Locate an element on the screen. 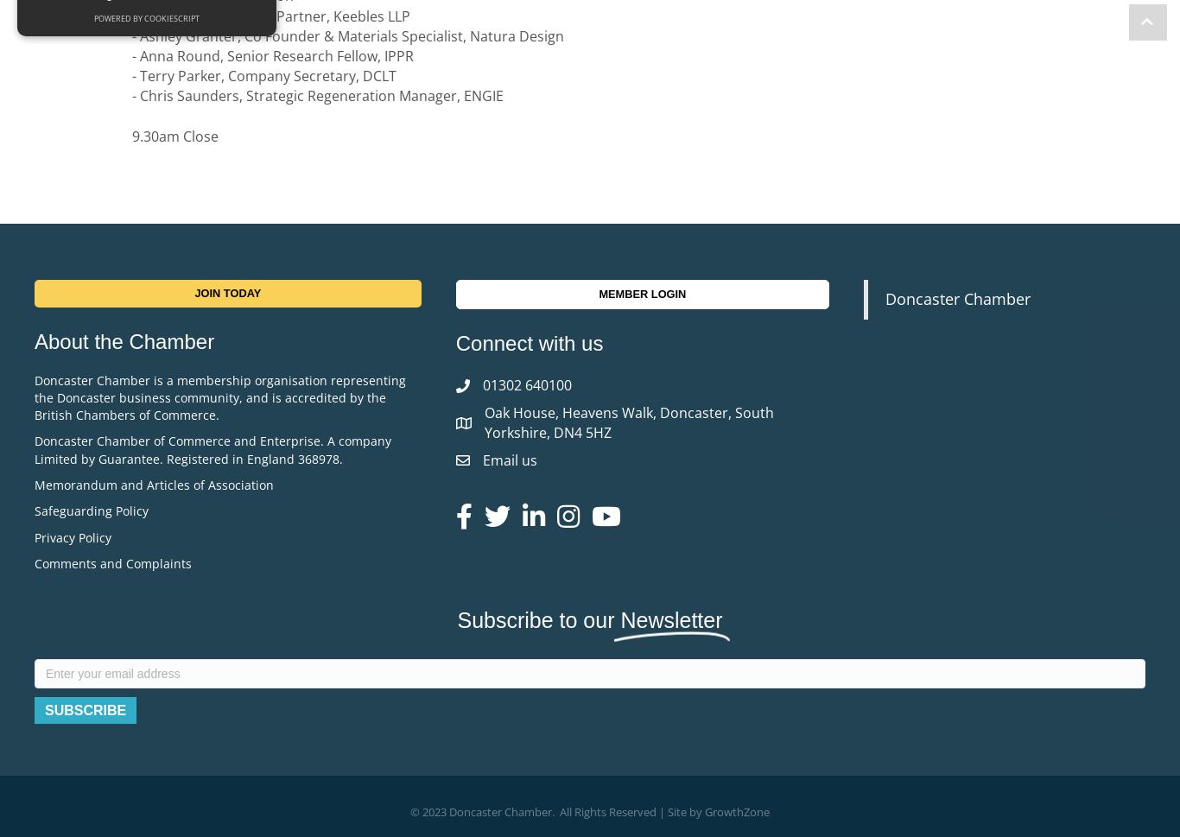 This screenshot has width=1180, height=837. '- Anna Round, Senior Research Fellow, IPPR' is located at coordinates (275, 55).